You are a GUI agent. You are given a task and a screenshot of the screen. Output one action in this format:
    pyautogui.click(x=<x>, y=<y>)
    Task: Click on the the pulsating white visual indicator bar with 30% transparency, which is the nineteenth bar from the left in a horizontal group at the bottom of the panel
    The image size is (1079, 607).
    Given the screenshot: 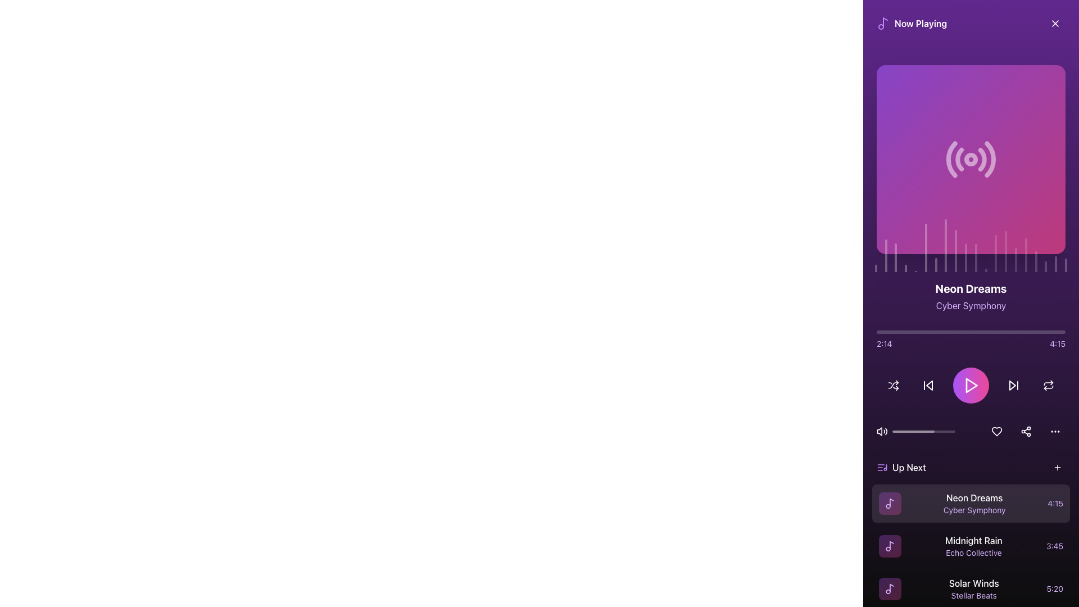 What is the action you would take?
    pyautogui.click(x=1055, y=264)
    